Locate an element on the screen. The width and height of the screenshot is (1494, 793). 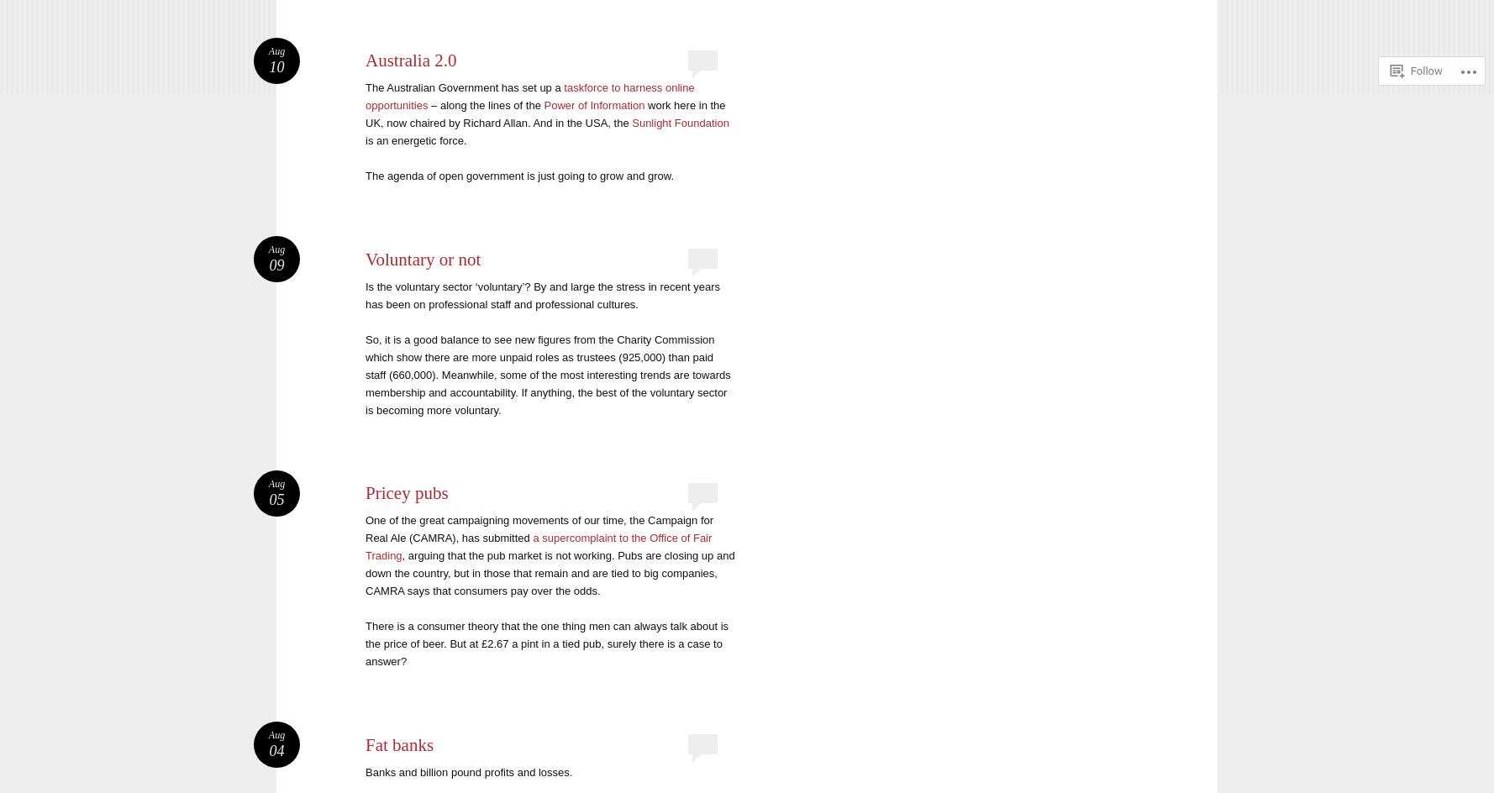
'Power of Information' is located at coordinates (595, 105).